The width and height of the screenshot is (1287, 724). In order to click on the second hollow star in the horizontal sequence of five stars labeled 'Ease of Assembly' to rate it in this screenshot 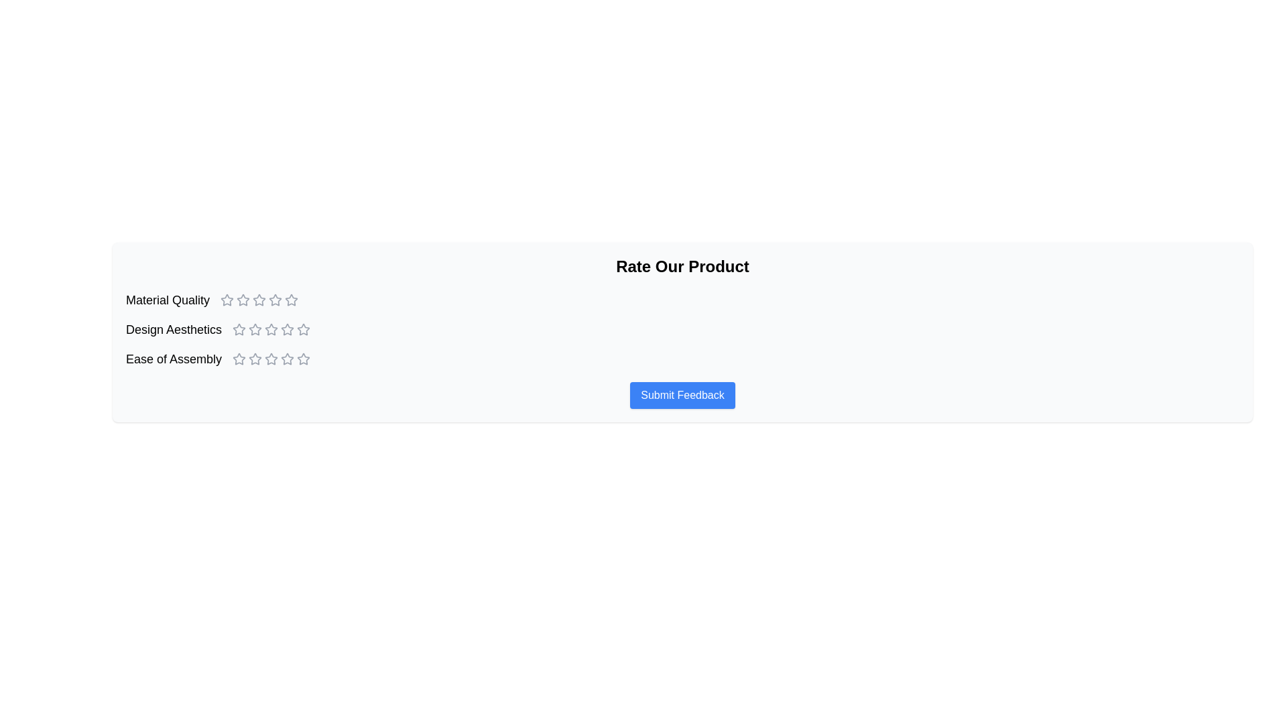, I will do `click(255, 358)`.